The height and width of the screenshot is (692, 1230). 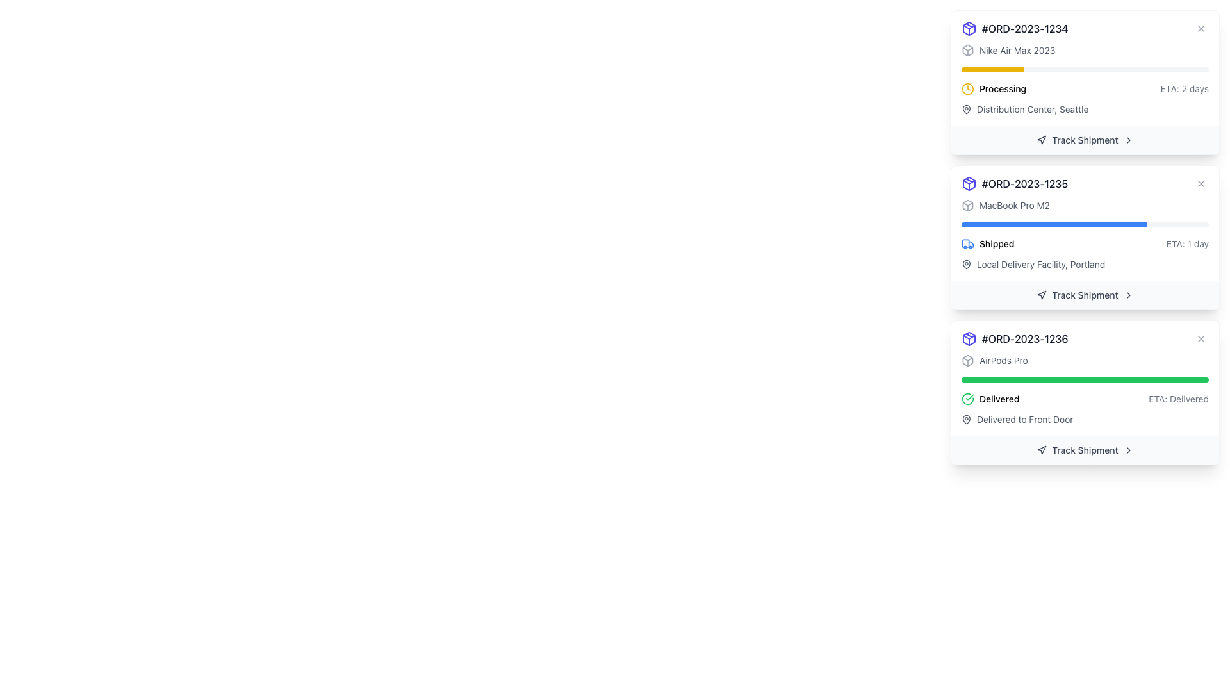 I want to click on the map pin icon indicating the delivery location, which is styled with a thin gray outline and positioned next to the 'Delivered to Front Door' label related to the AirPods Pro order (order ID #ORD-2023-1236), so click(x=966, y=420).